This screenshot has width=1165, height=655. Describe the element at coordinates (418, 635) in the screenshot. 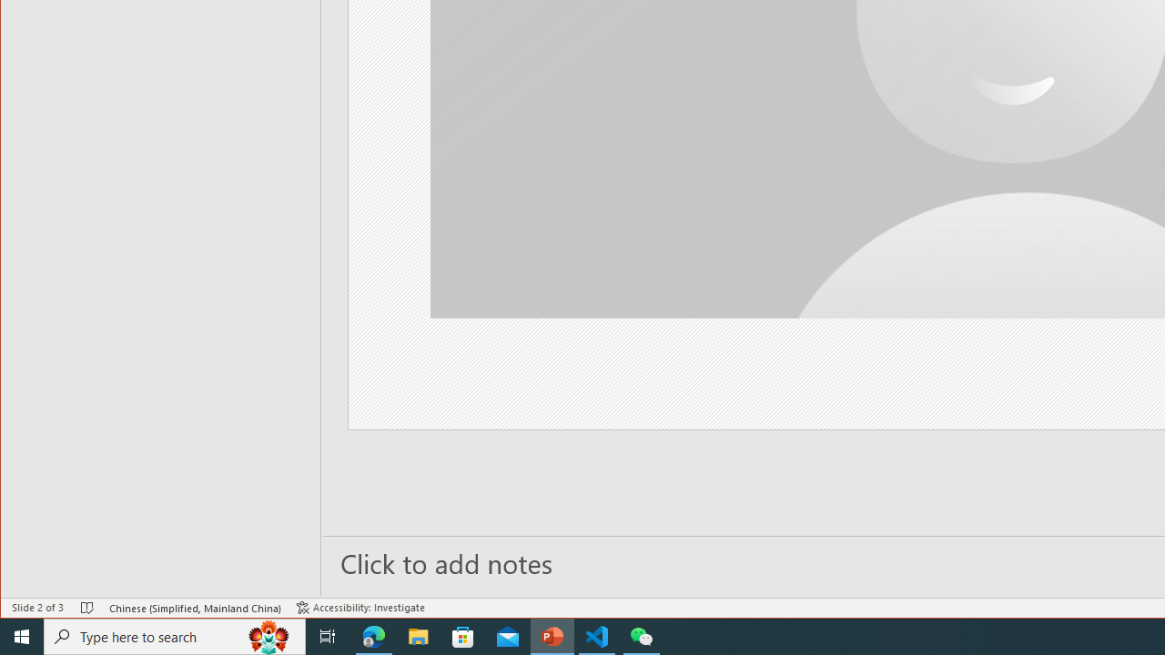

I see `'File Explorer'` at that location.